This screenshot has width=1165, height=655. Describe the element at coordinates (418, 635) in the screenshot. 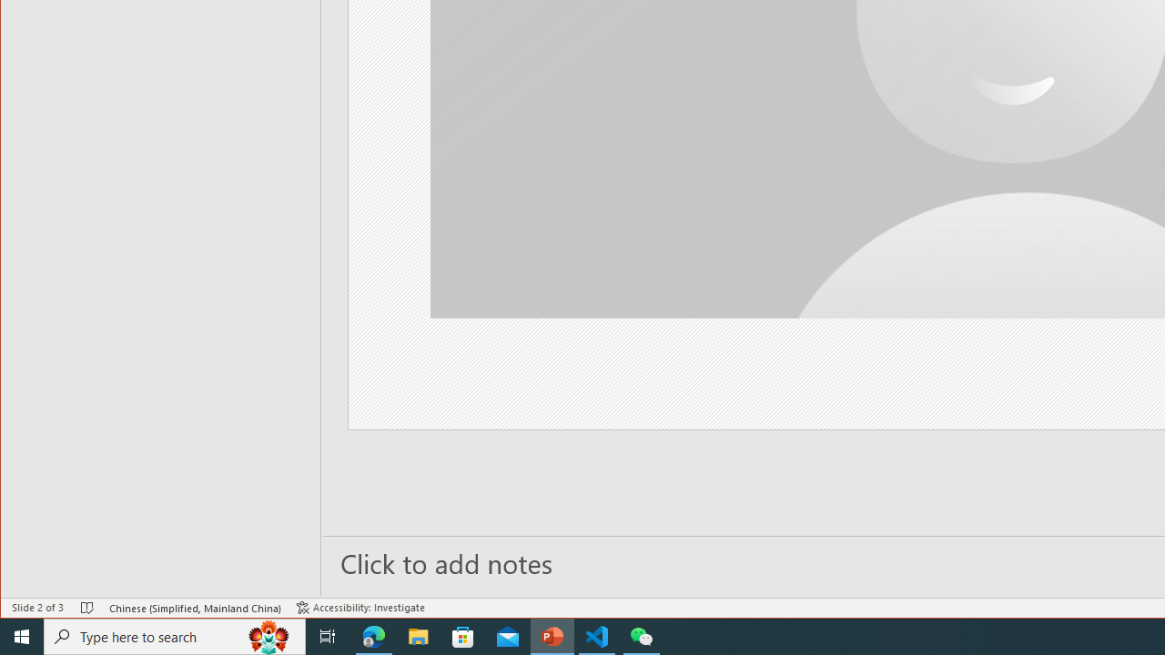

I see `'File Explorer'` at that location.